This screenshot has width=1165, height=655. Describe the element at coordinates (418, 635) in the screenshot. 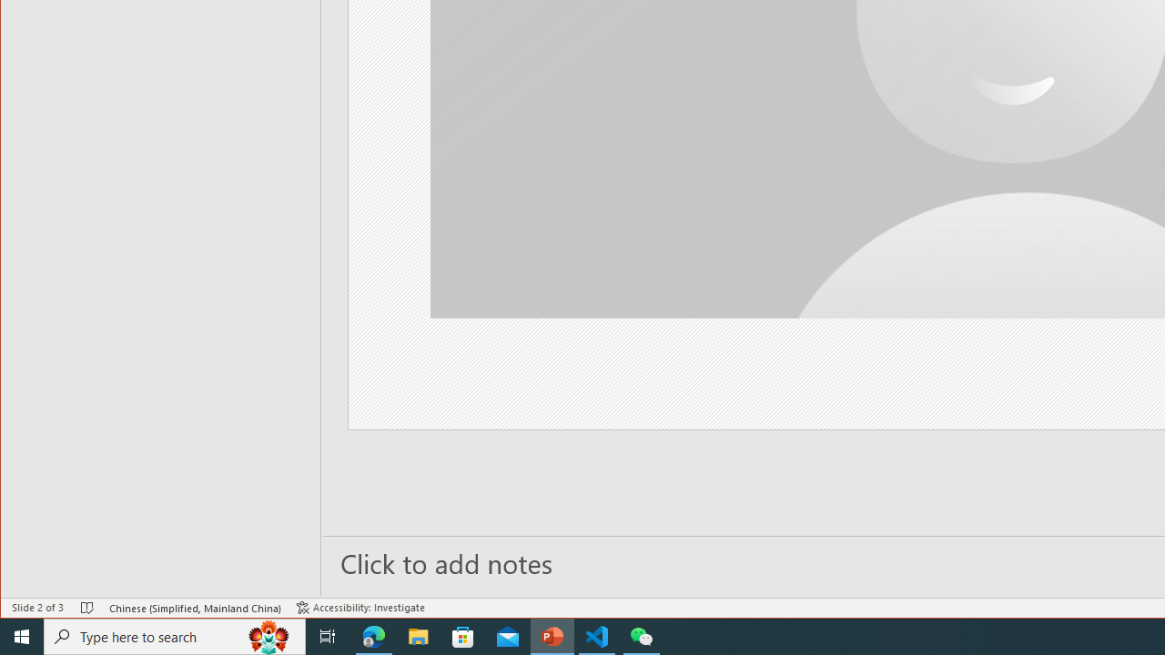

I see `'File Explorer'` at that location.